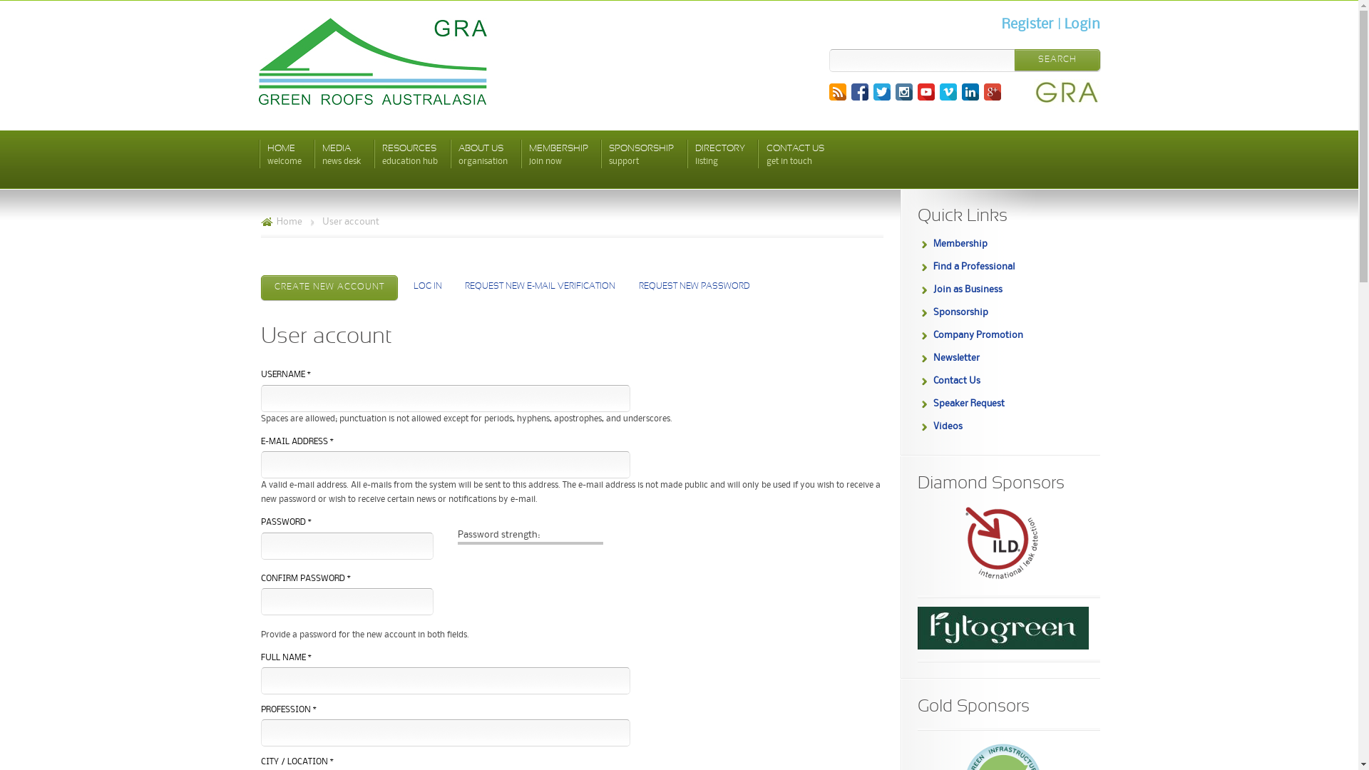  Describe the element at coordinates (328, 287) in the screenshot. I see `'CREATE NEW ACCOUNT` at that location.